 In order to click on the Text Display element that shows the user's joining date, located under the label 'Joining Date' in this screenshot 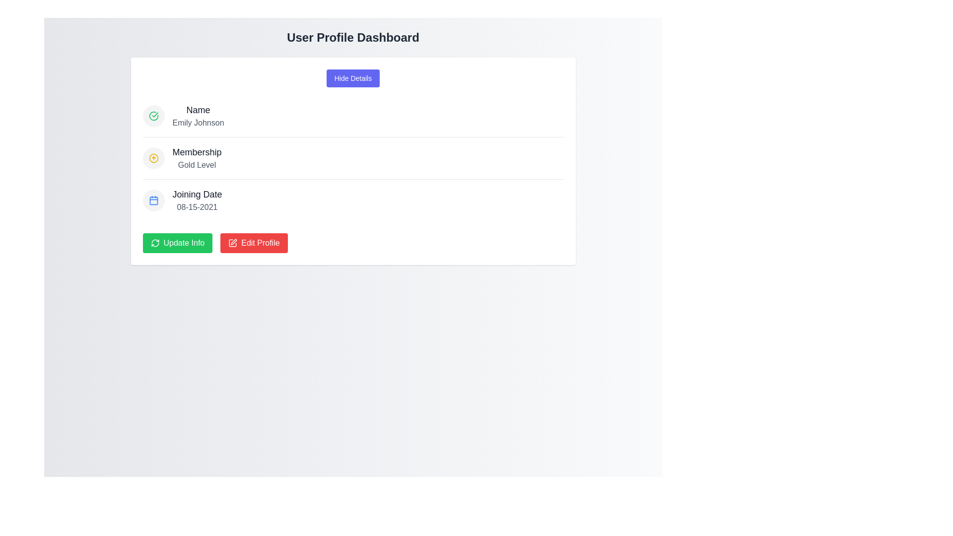, I will do `click(197, 206)`.